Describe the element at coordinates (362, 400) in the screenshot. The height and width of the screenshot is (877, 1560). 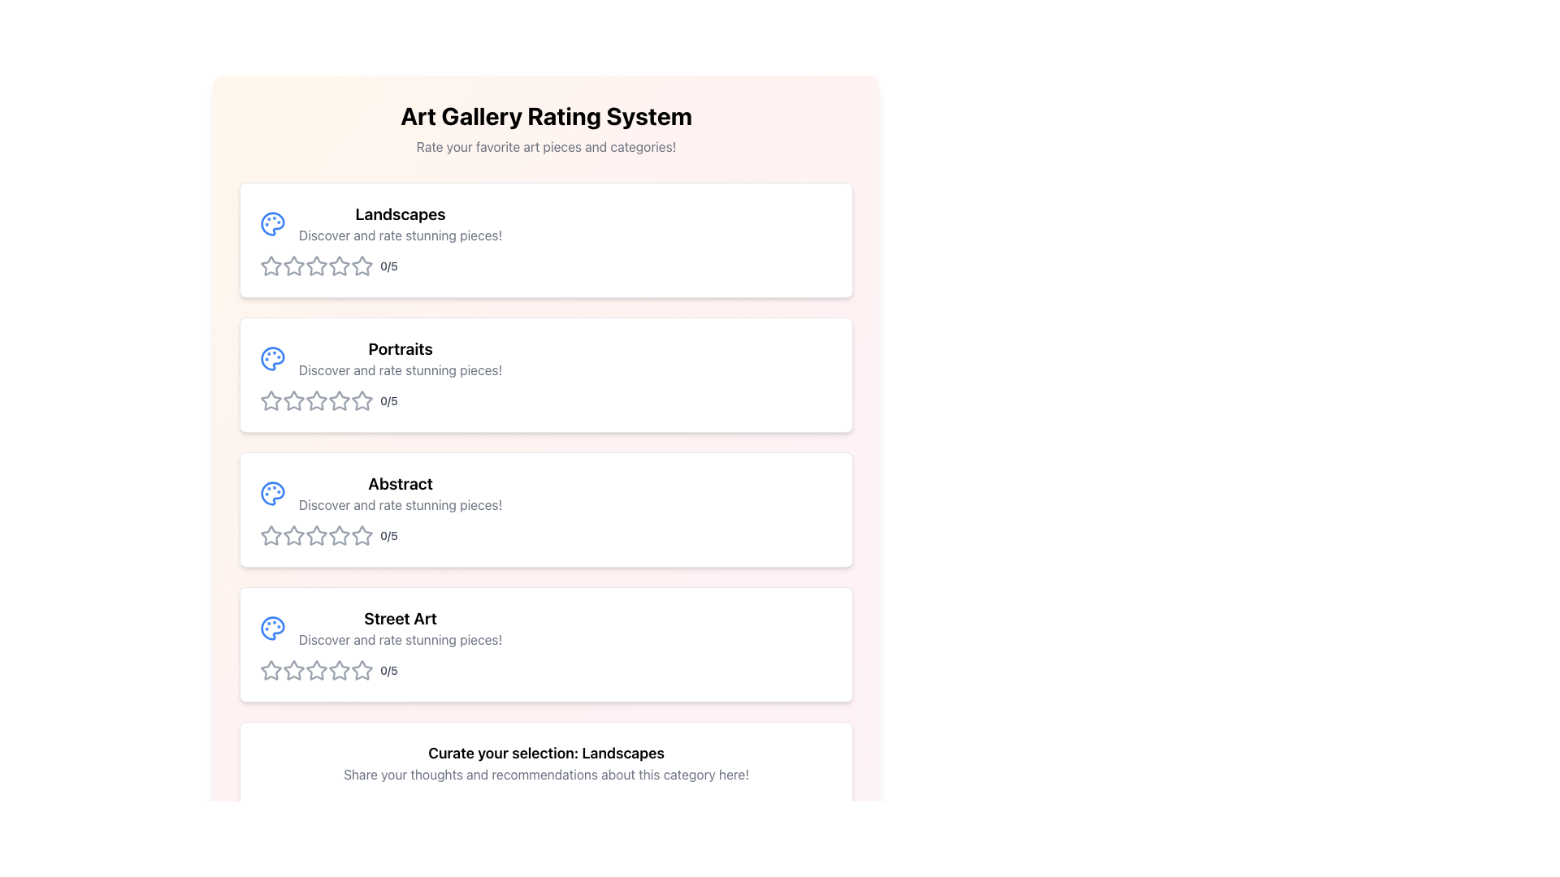
I see `the third star icon in the second rating row for the category 'Portraits' to rate it` at that location.